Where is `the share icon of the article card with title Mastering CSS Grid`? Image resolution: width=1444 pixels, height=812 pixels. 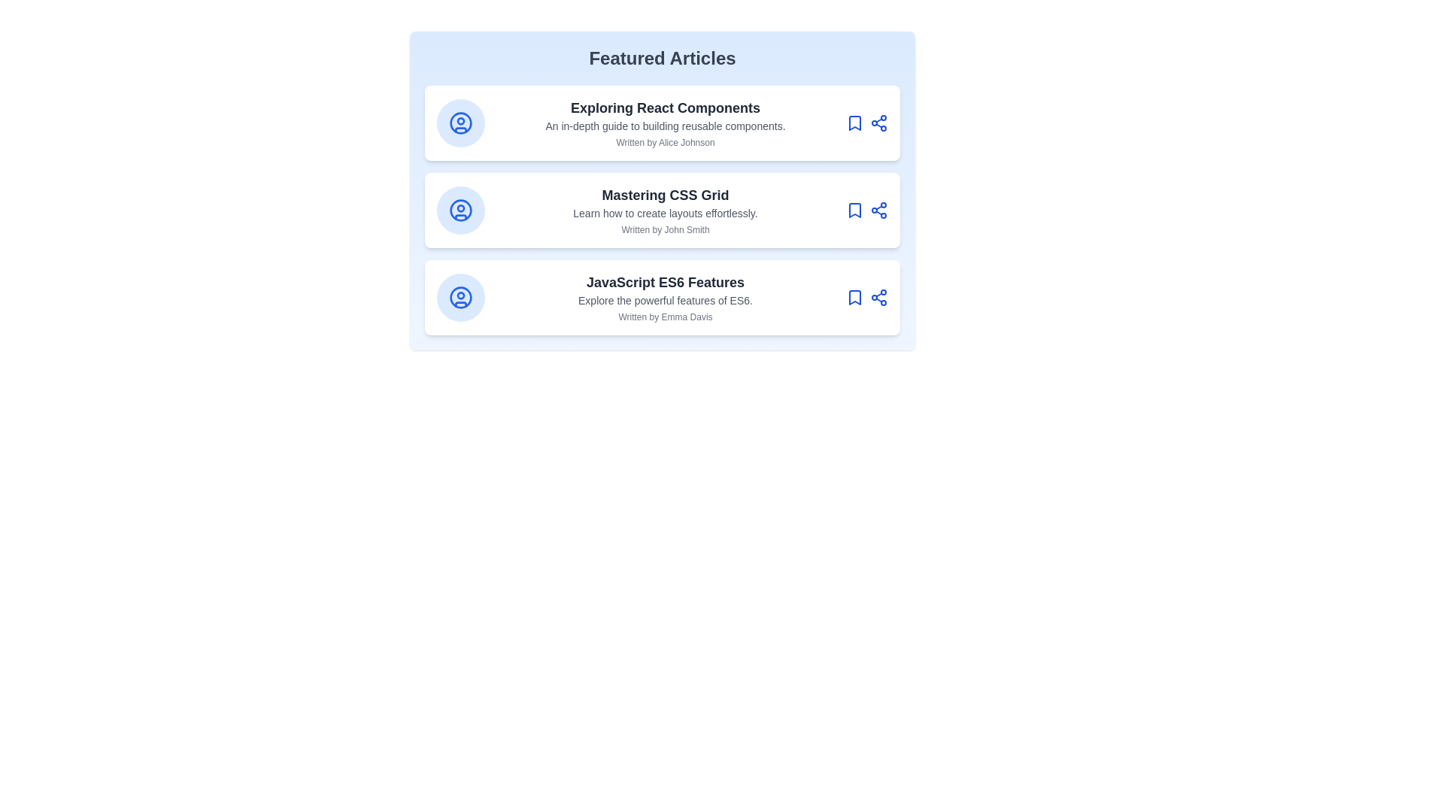 the share icon of the article card with title Mastering CSS Grid is located at coordinates (879, 211).